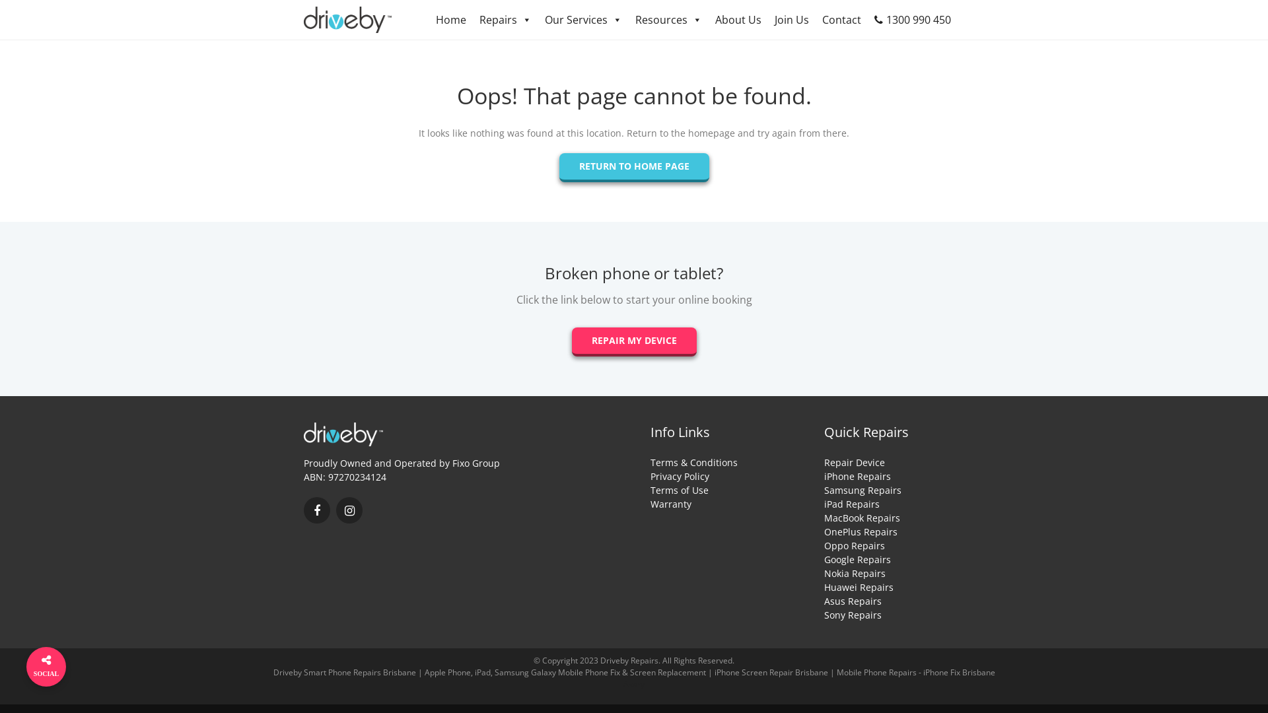  Describe the element at coordinates (634, 683) in the screenshot. I see `'Akary'` at that location.